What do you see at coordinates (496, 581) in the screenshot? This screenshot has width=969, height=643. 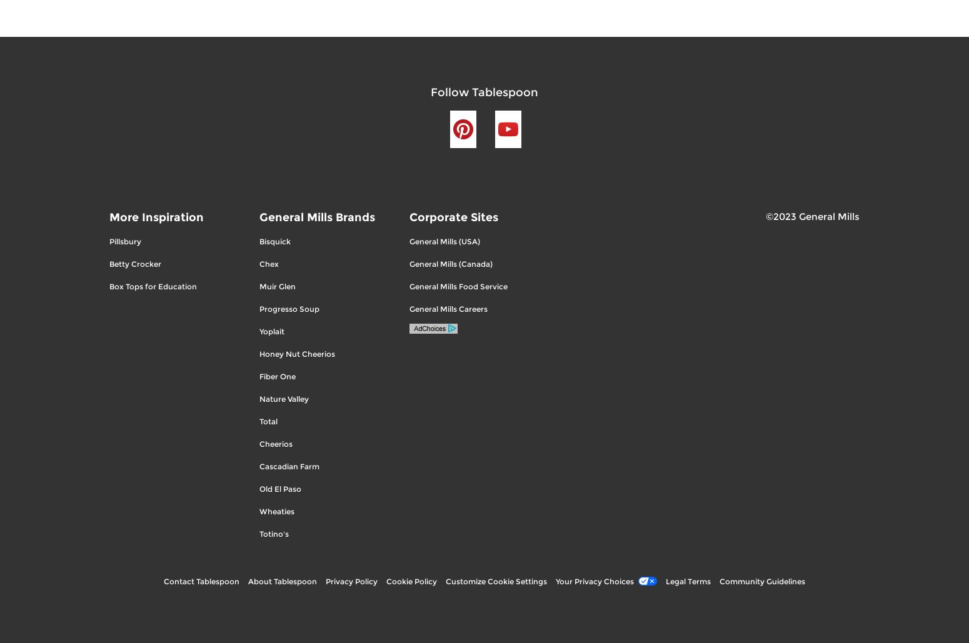 I see `'Customize Cookie Settings'` at bounding box center [496, 581].